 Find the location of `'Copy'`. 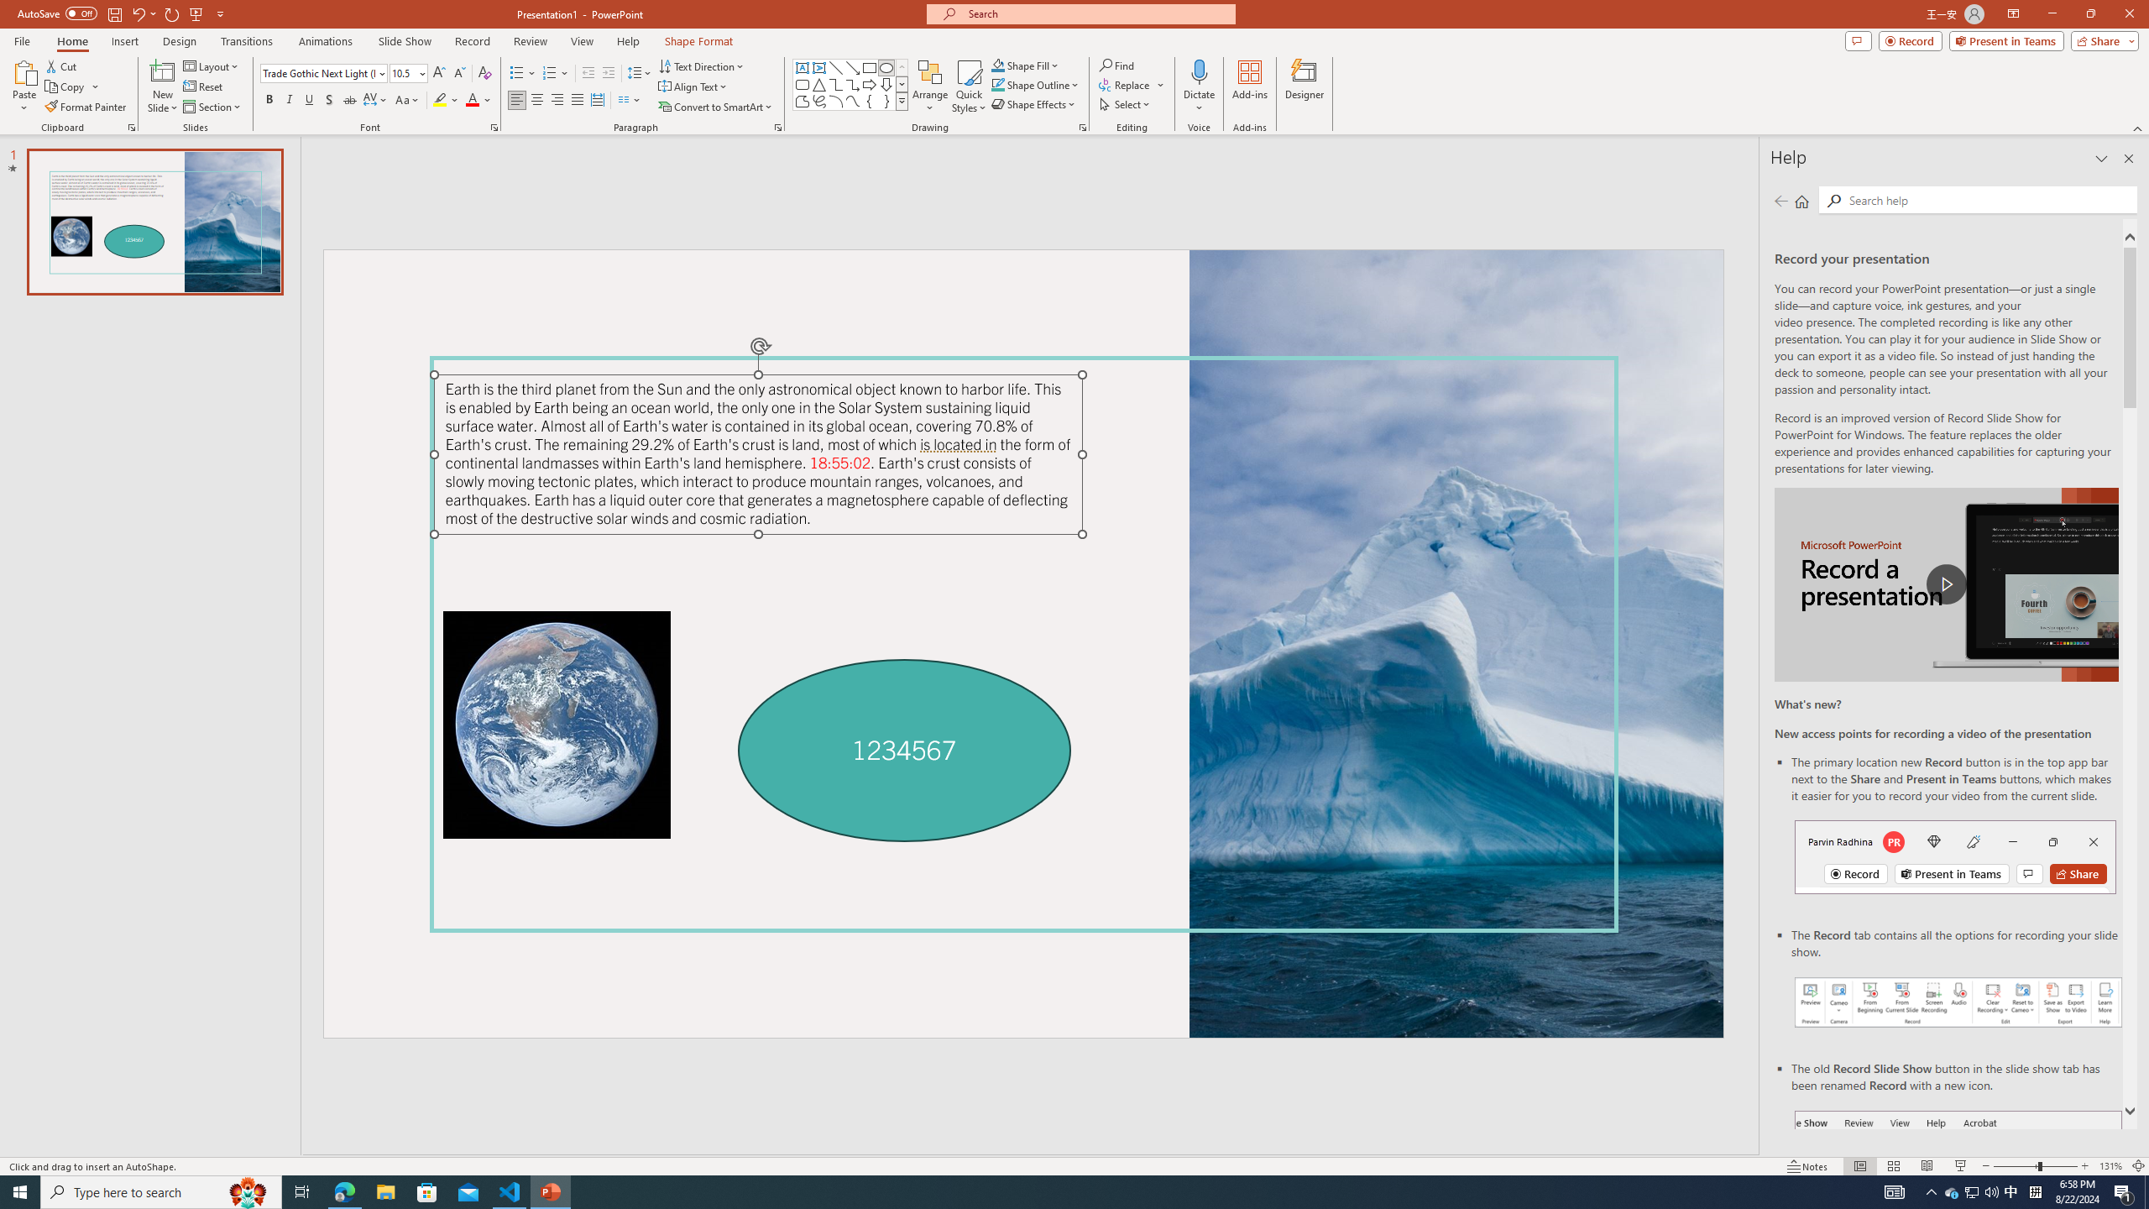

'Copy' is located at coordinates (72, 86).